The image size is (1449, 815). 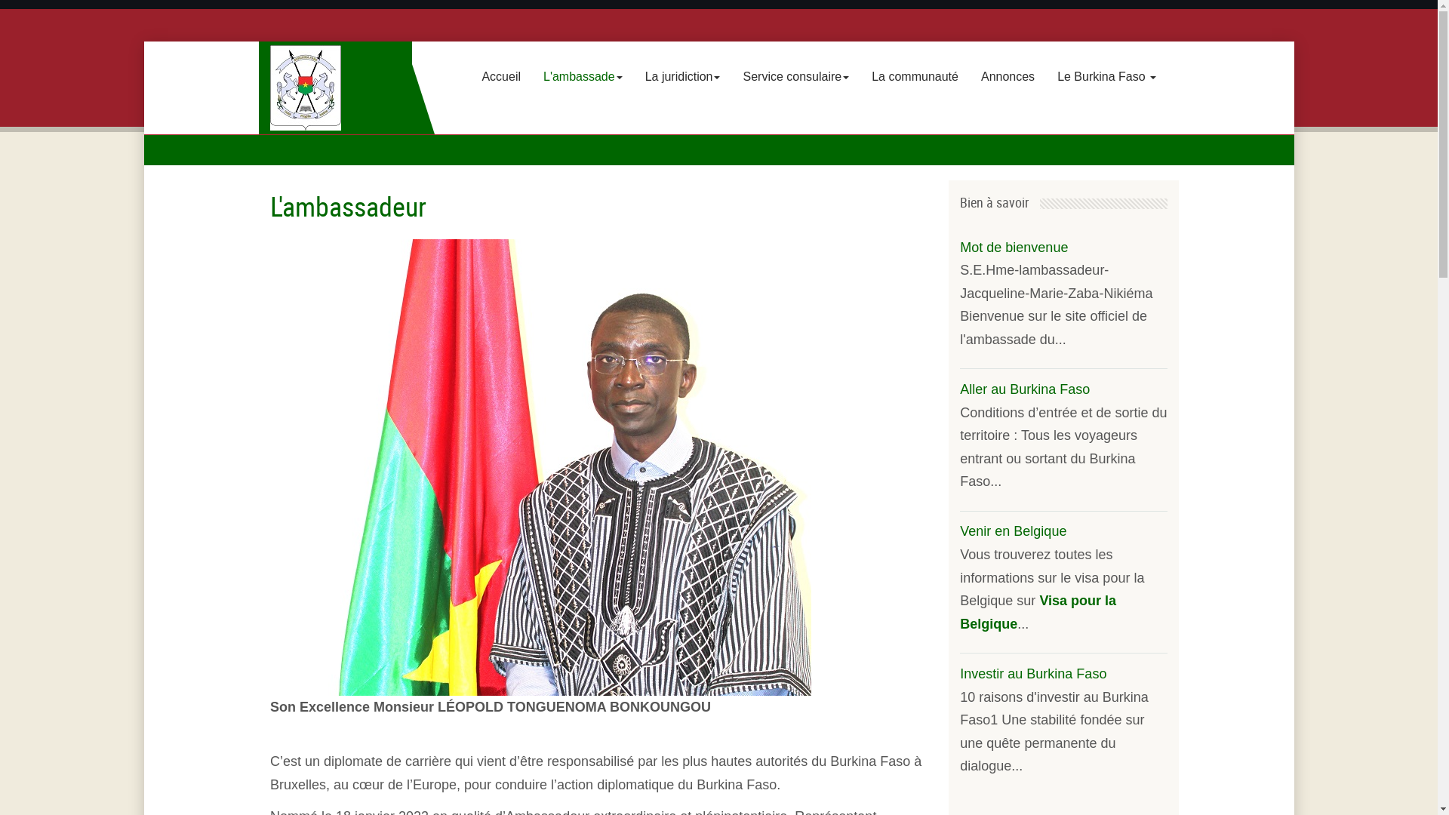 What do you see at coordinates (500, 76) in the screenshot?
I see `'Accueil'` at bounding box center [500, 76].